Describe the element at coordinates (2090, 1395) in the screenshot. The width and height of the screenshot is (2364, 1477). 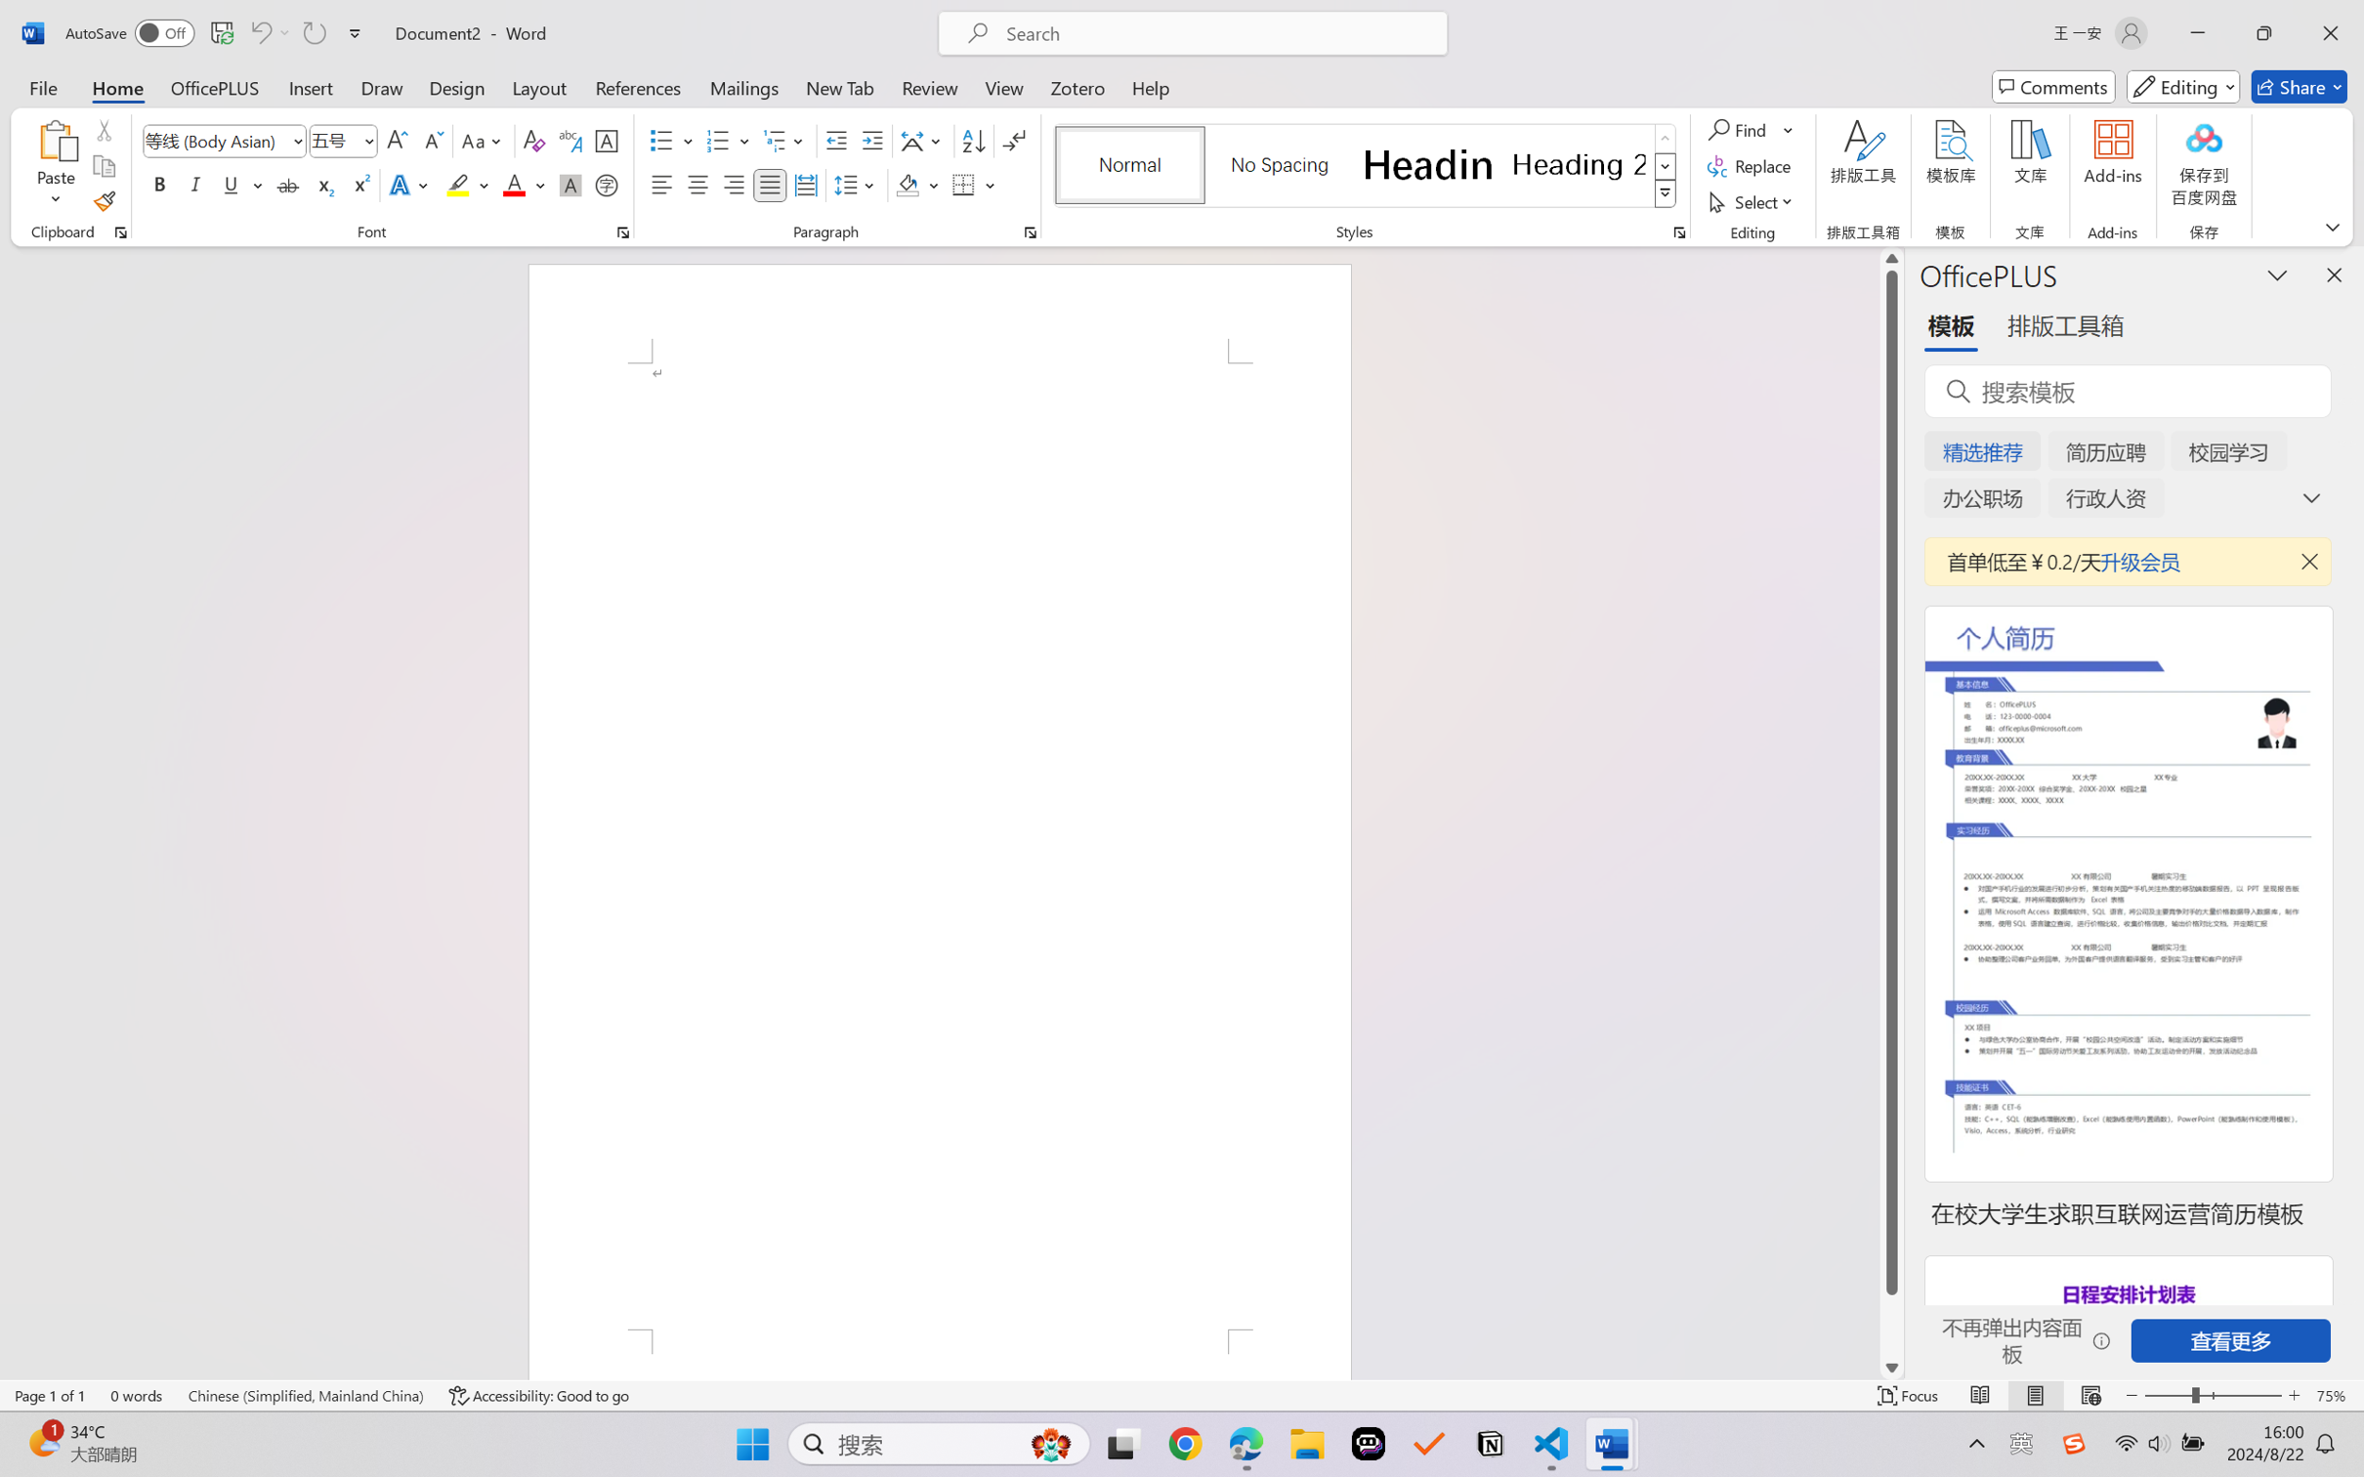
I see `'Web Layout'` at that location.